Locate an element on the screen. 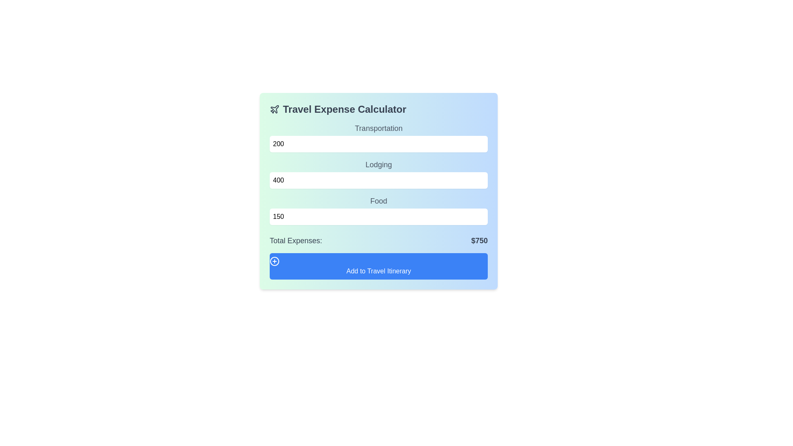 Image resolution: width=793 pixels, height=446 pixels. the 'Lodging' number input field to increase or decrease the value using keyboard or mouse interactions is located at coordinates (378, 173).